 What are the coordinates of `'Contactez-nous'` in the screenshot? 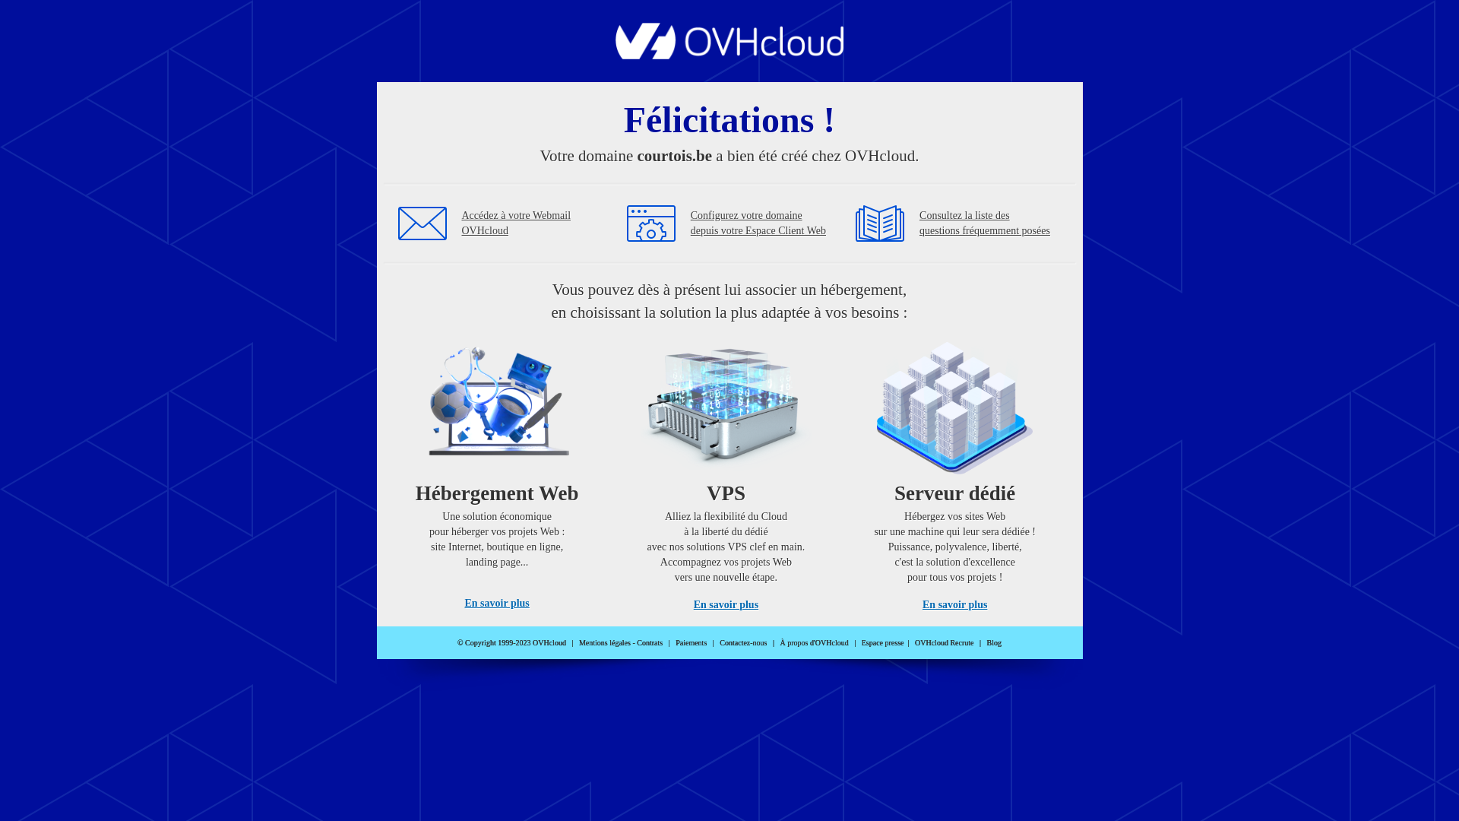 It's located at (743, 642).